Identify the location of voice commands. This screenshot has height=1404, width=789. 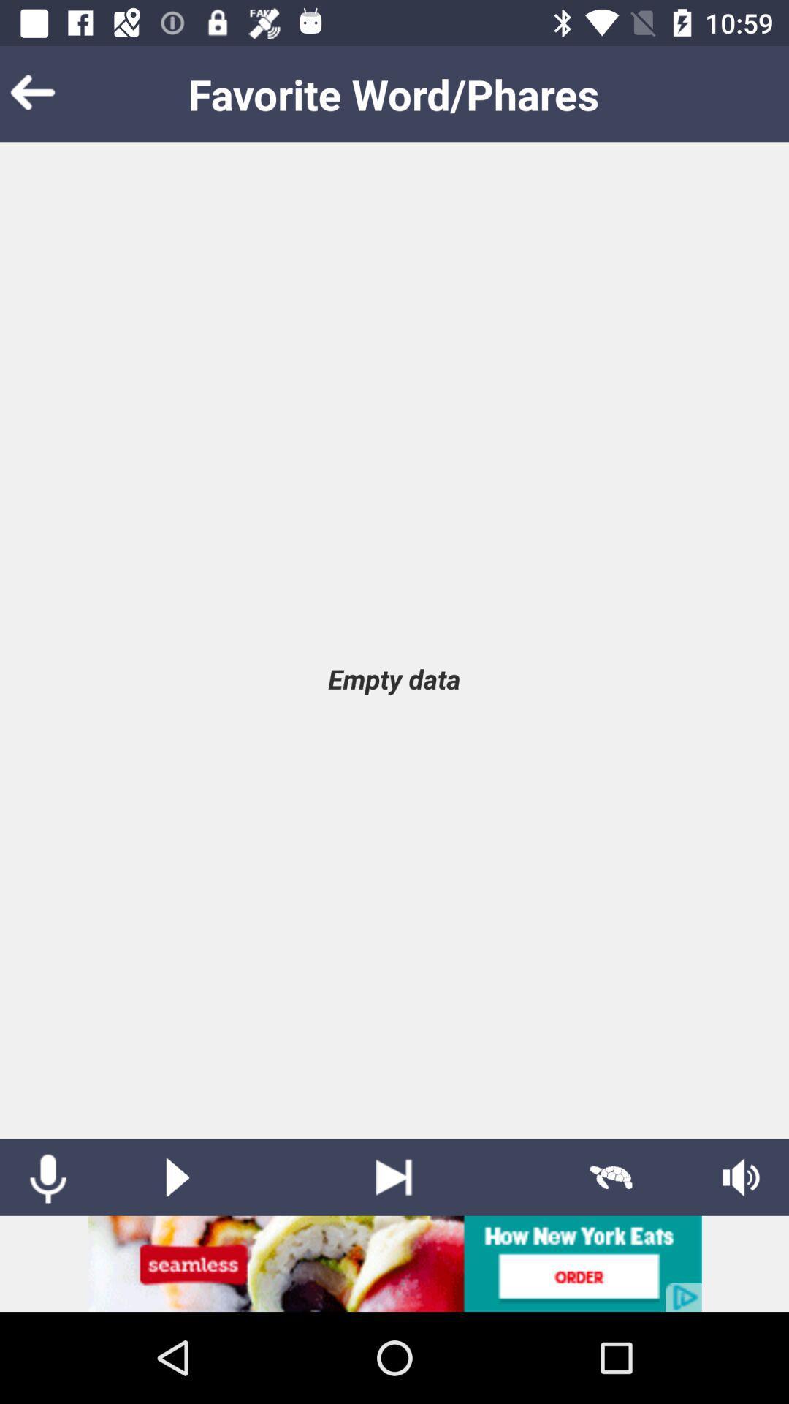
(47, 1177).